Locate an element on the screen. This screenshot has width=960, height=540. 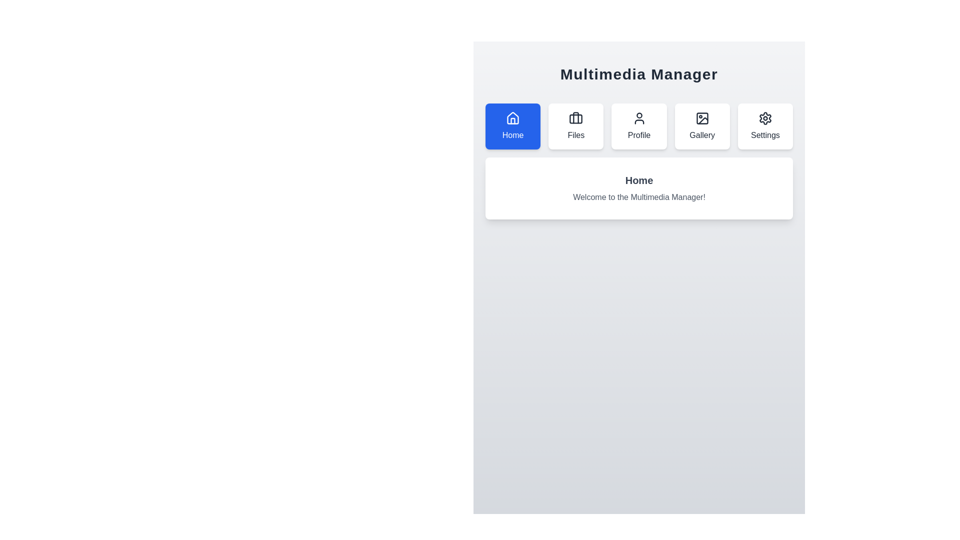
the user profile icon located in the 'Profile' card, which is the third card in a horizontal row of similar cards, centered below the label text 'Profile' is located at coordinates (638, 117).